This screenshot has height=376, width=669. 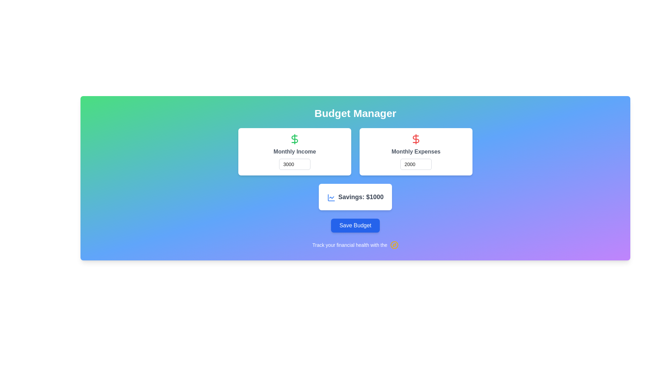 I want to click on the numeric input field for entering numerical data, which currently displays the value '2000', to focus and type a number, so click(x=416, y=164).